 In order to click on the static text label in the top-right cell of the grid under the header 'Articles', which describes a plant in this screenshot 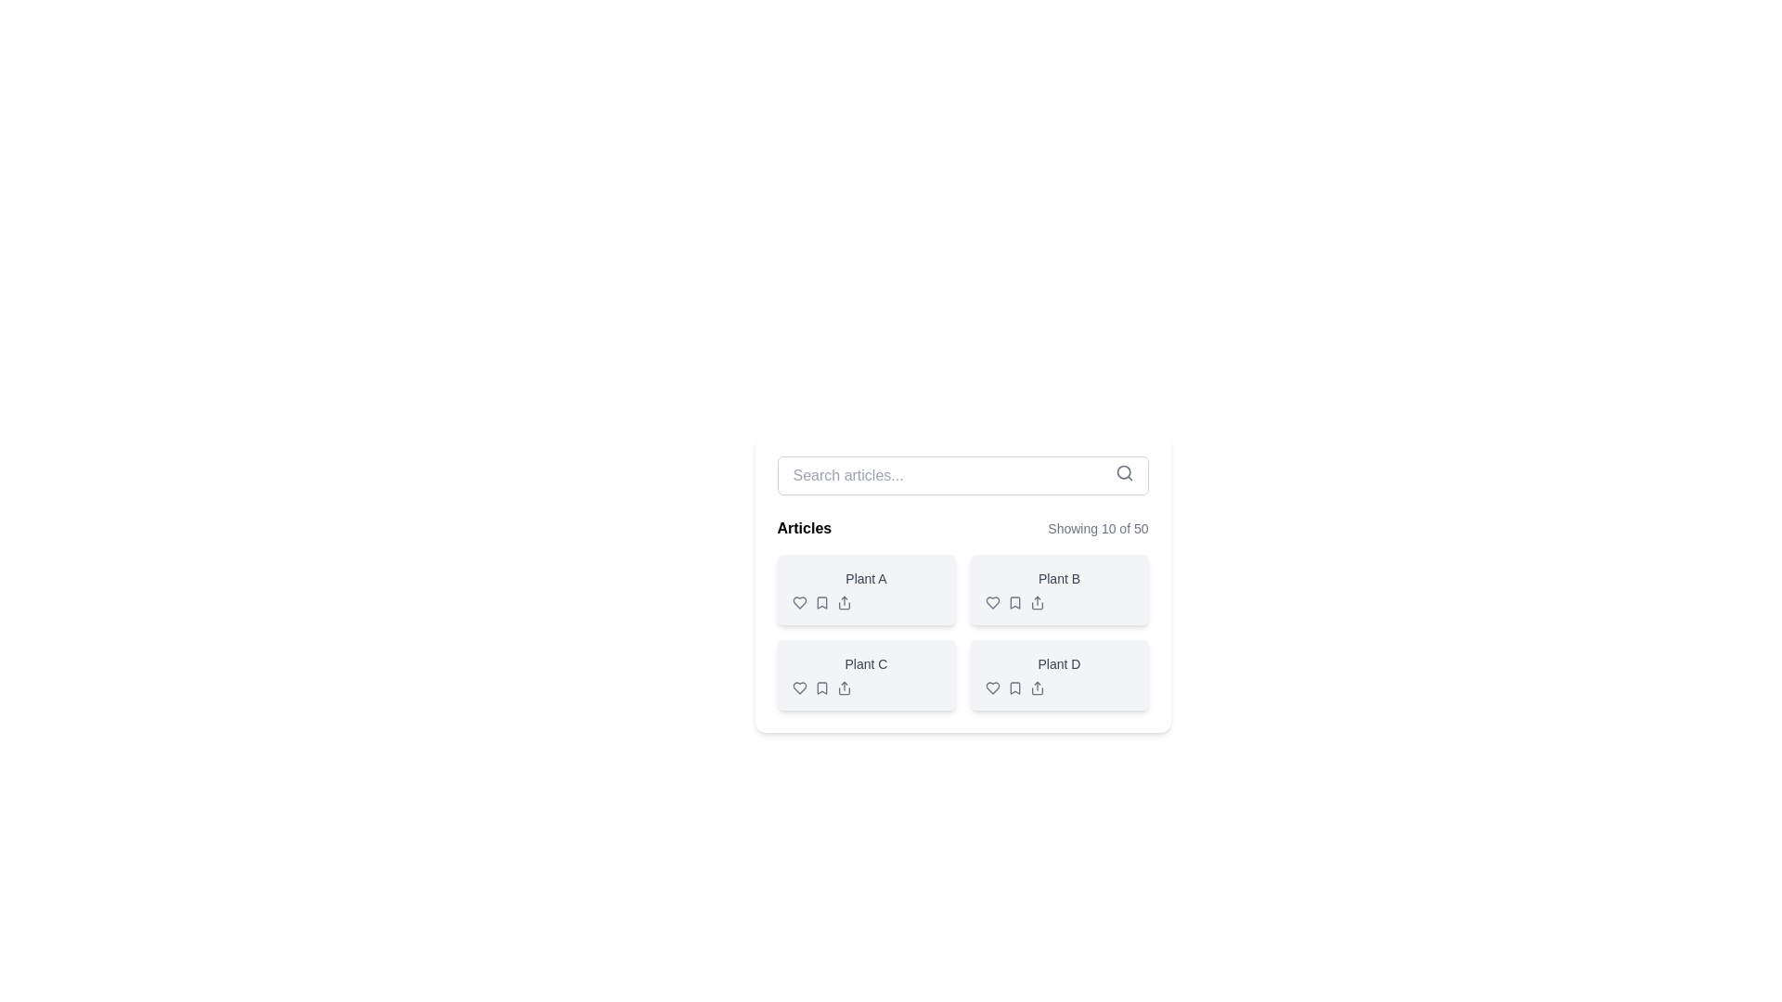, I will do `click(1059, 578)`.